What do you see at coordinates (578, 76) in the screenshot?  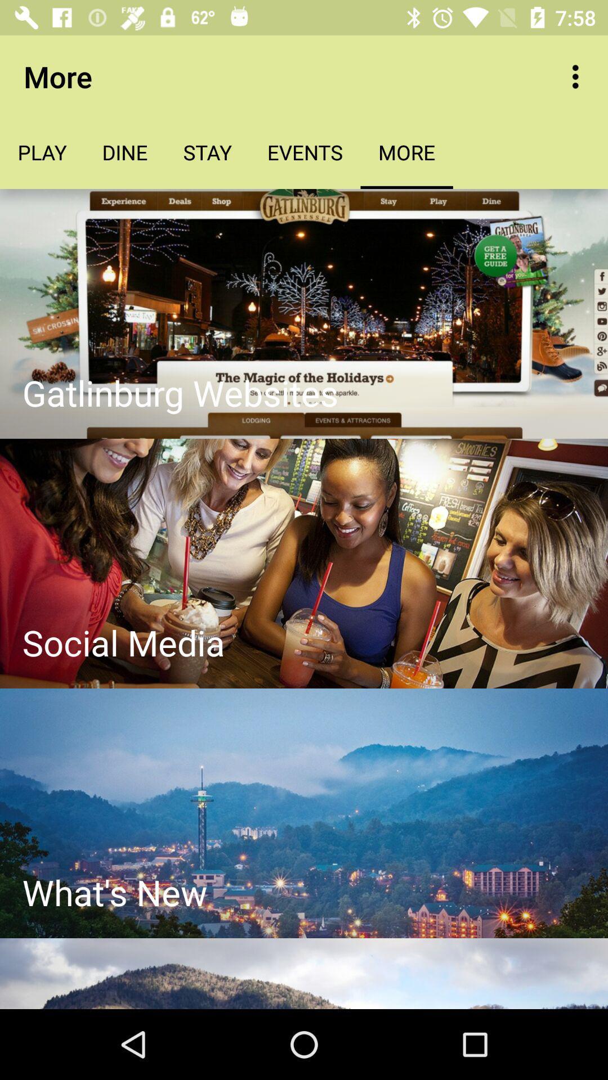 I see `the app to the right of more` at bounding box center [578, 76].